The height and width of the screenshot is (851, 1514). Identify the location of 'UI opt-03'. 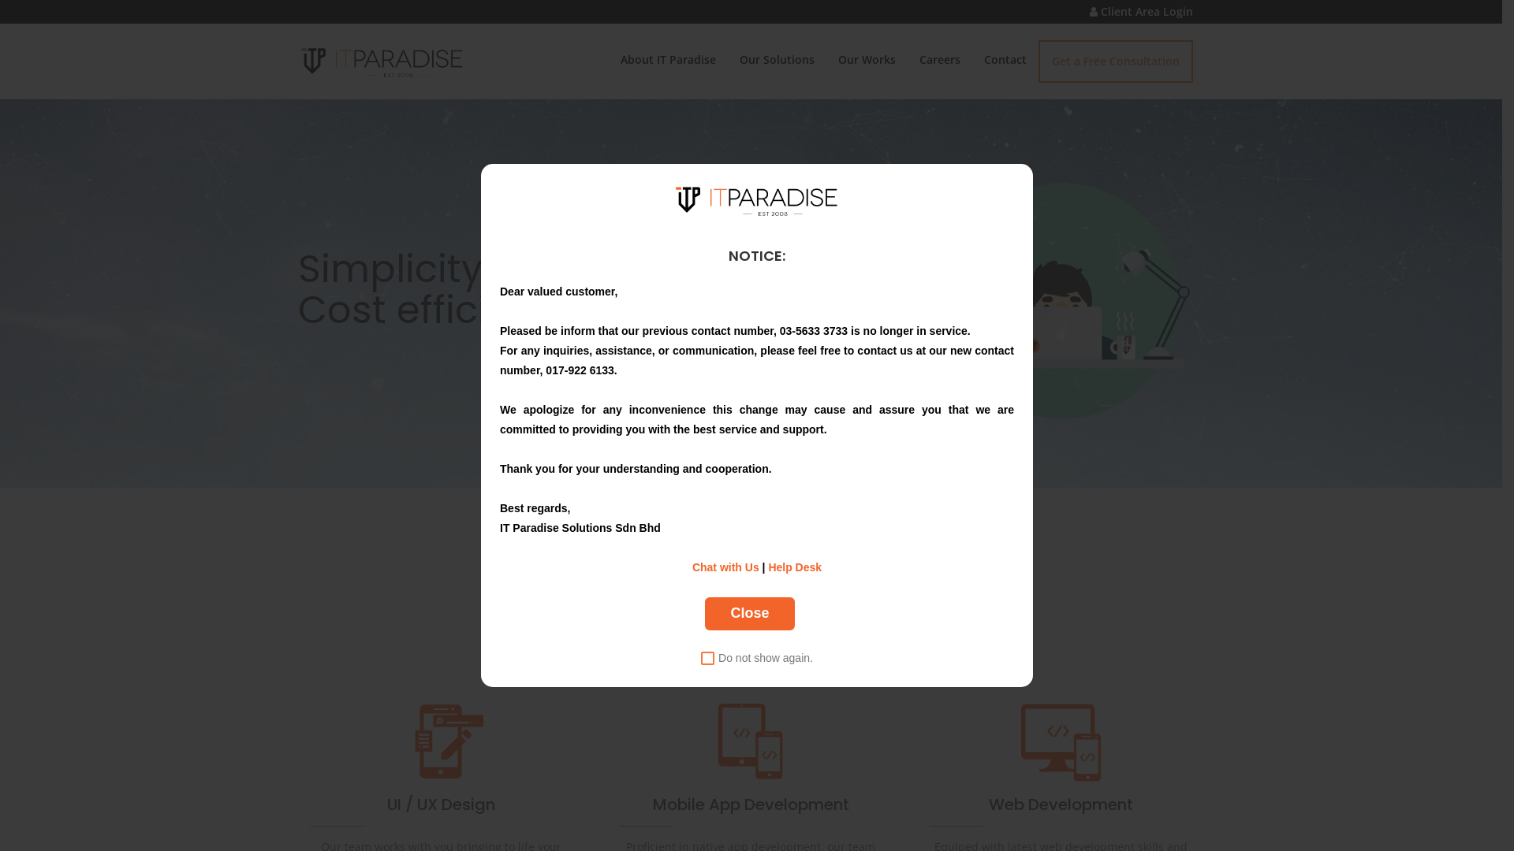
(440, 741).